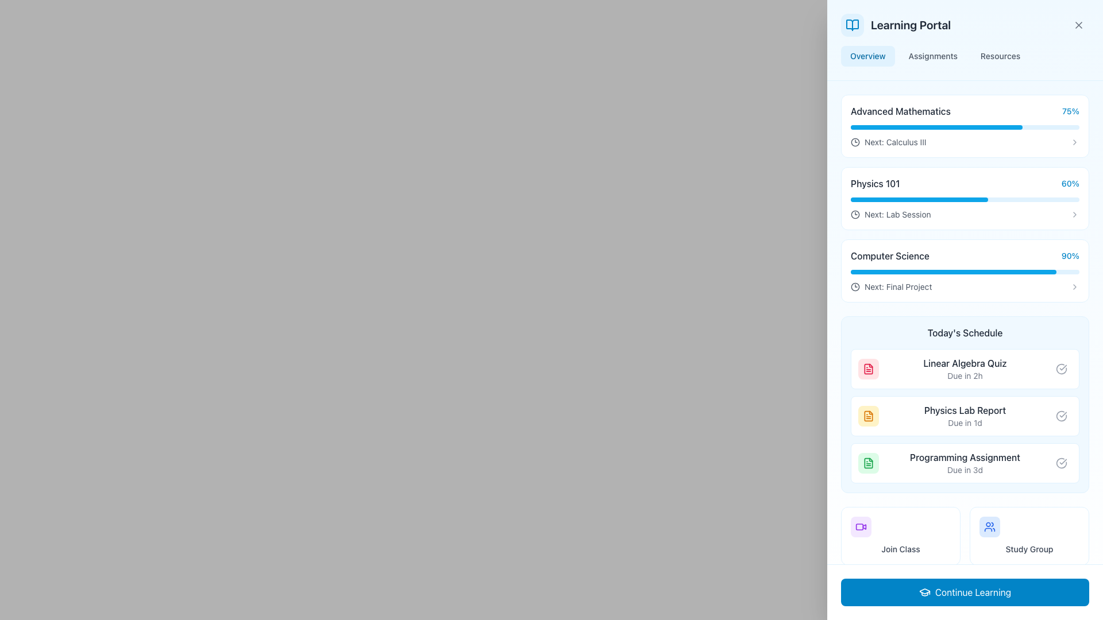  What do you see at coordinates (869, 416) in the screenshot?
I see `the document icon with three horizontal lines in the 'Today's Schedule' section of the 'Physics Lab Report' item, which is associated with the orange card` at bounding box center [869, 416].